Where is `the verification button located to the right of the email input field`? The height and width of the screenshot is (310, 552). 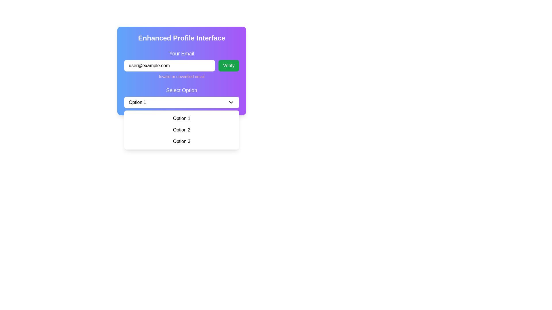 the verification button located to the right of the email input field is located at coordinates (229, 65).